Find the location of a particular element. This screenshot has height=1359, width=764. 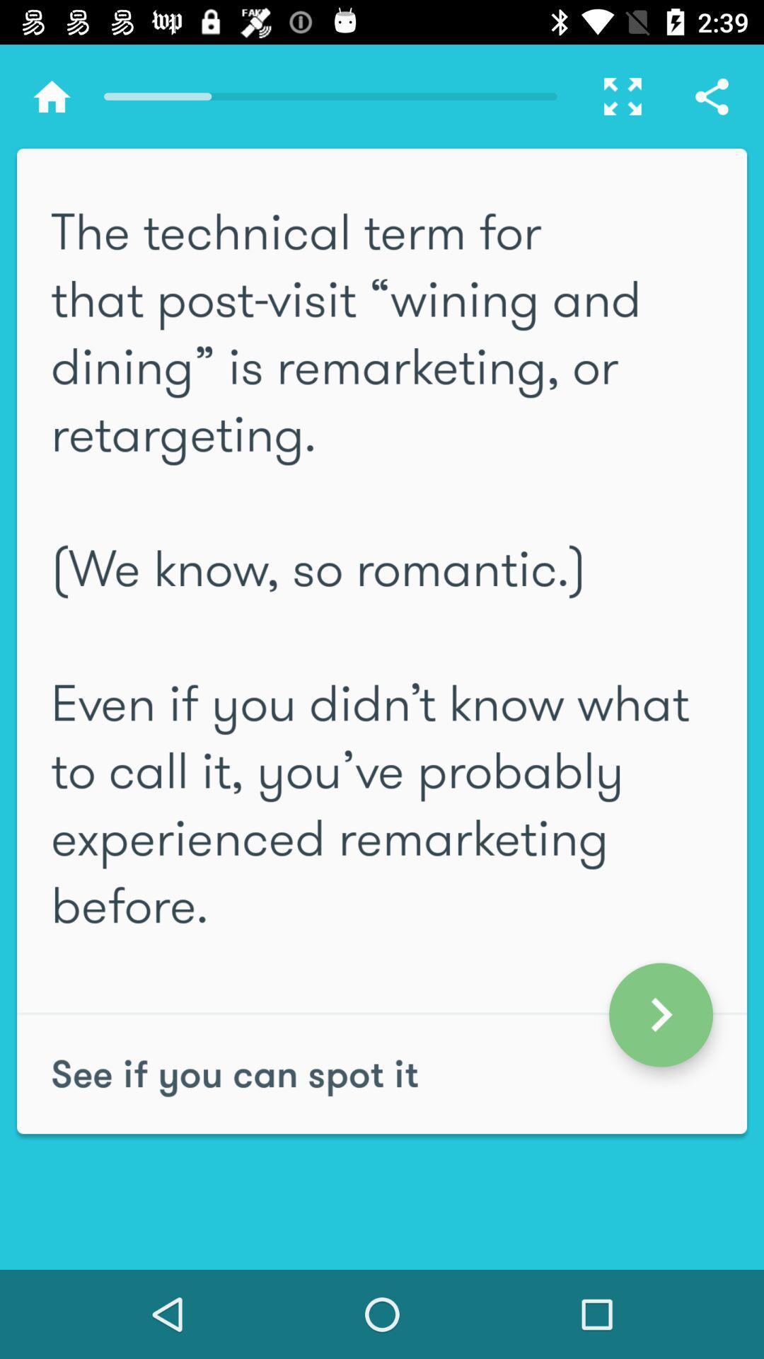

the fullscreen icon is located at coordinates (615, 96).